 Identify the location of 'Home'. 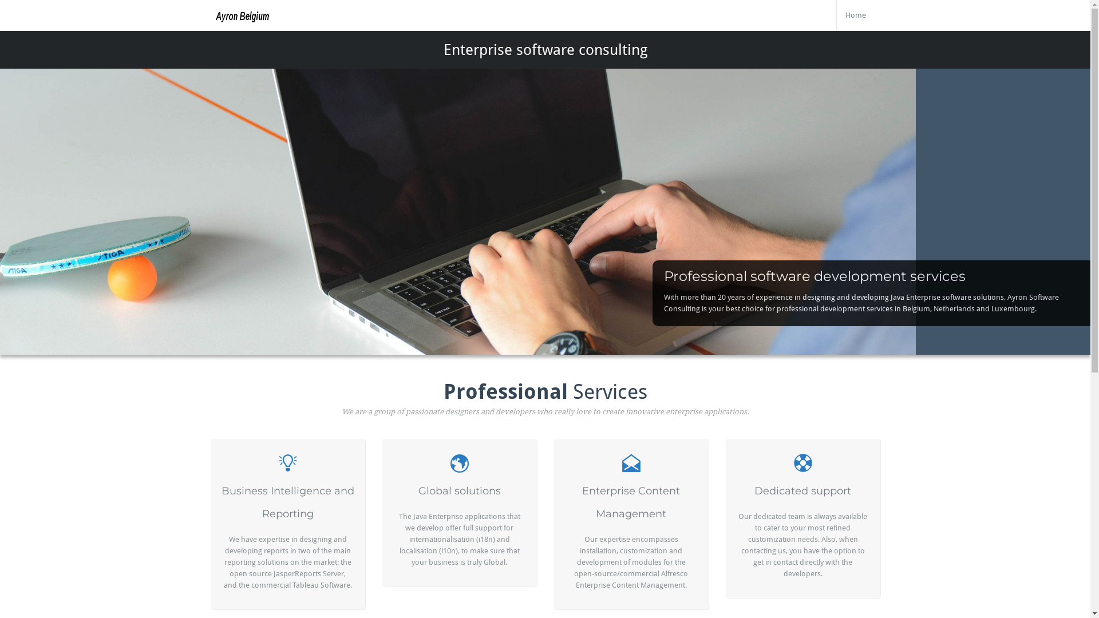
(855, 15).